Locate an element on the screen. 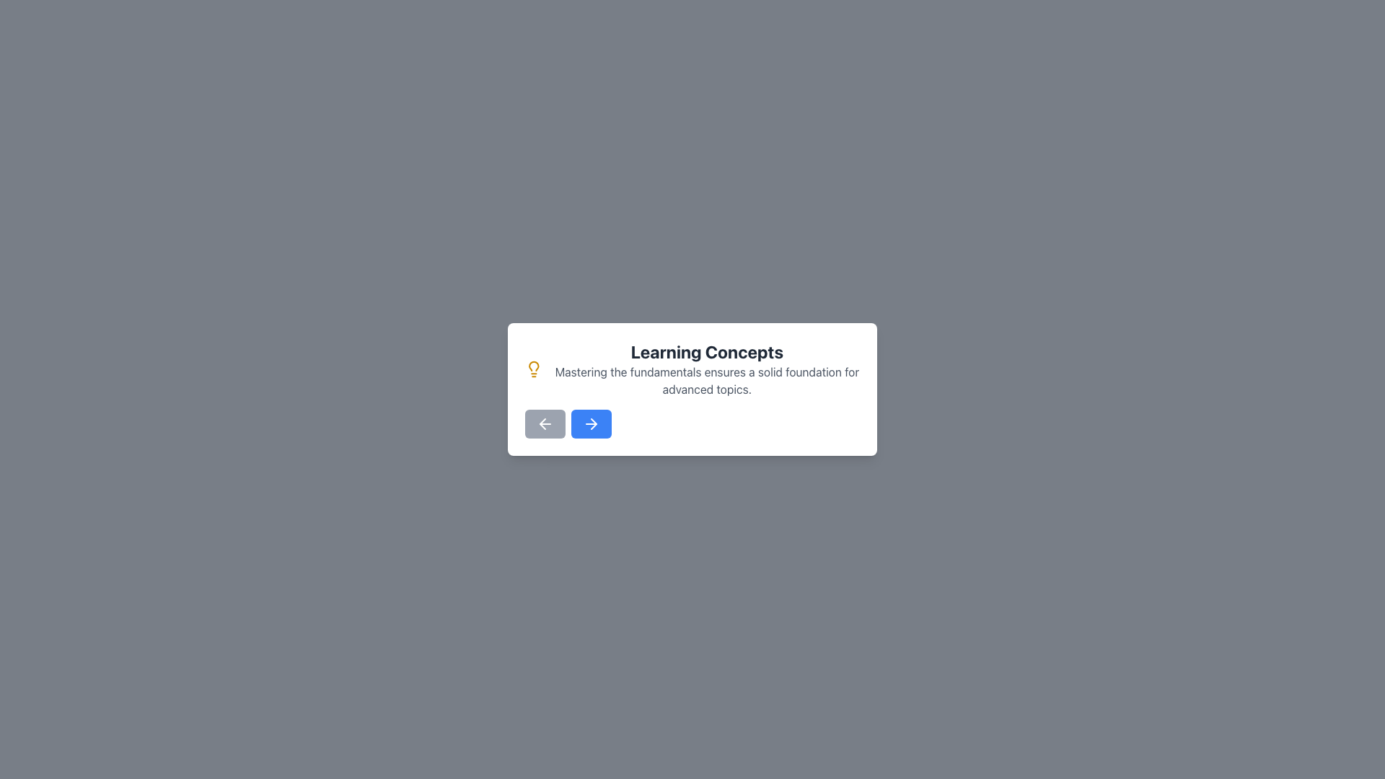 The width and height of the screenshot is (1385, 779). the lightbulb icon that represents an idea or concept, located to the left of the 'Learning Concepts' text is located at coordinates (533, 369).